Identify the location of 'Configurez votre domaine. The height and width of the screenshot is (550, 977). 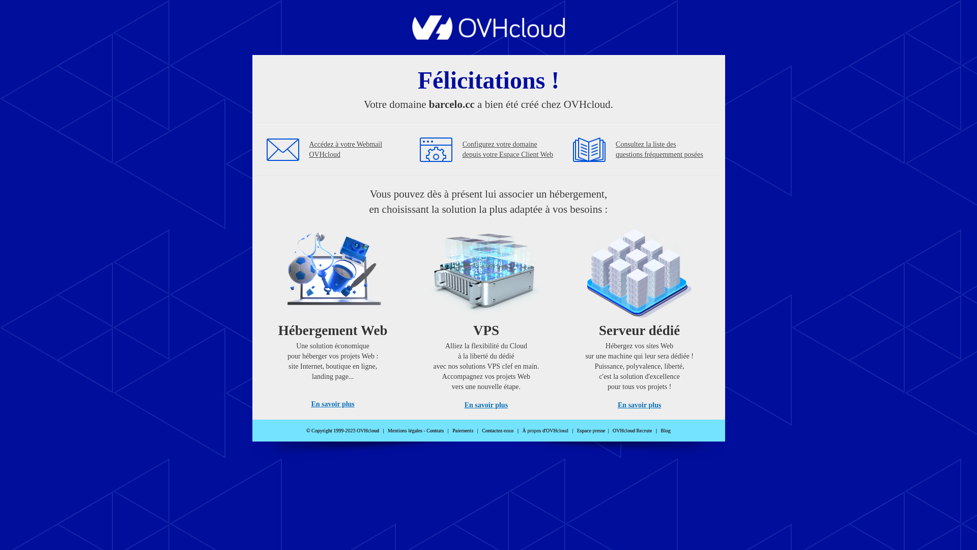
(508, 149).